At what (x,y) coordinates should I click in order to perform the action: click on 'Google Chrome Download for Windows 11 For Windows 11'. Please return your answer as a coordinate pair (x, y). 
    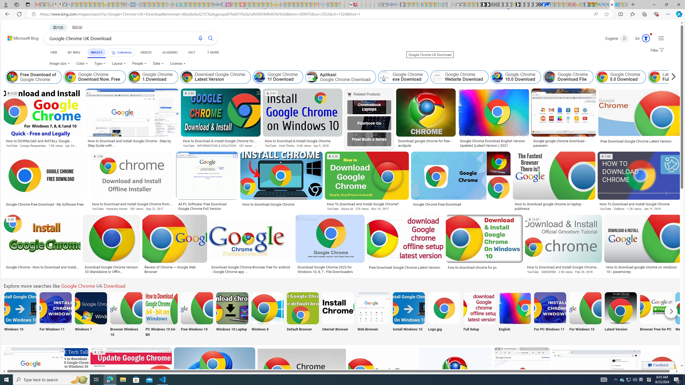
    Looking at the image, I should click on (55, 314).